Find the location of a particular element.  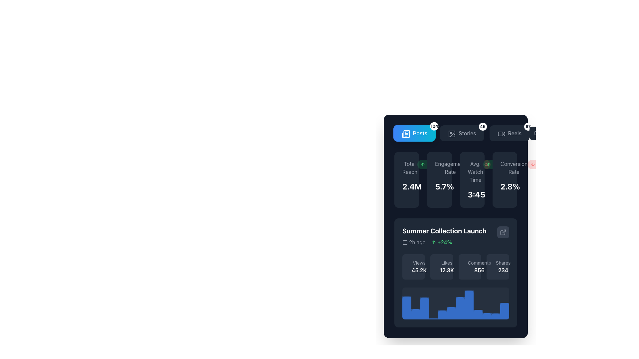

the static text element displaying '5.7%' in bold white font, located in the bottom right corner of the user statistics card under the 'Engagement Rate' header is located at coordinates (439, 186).